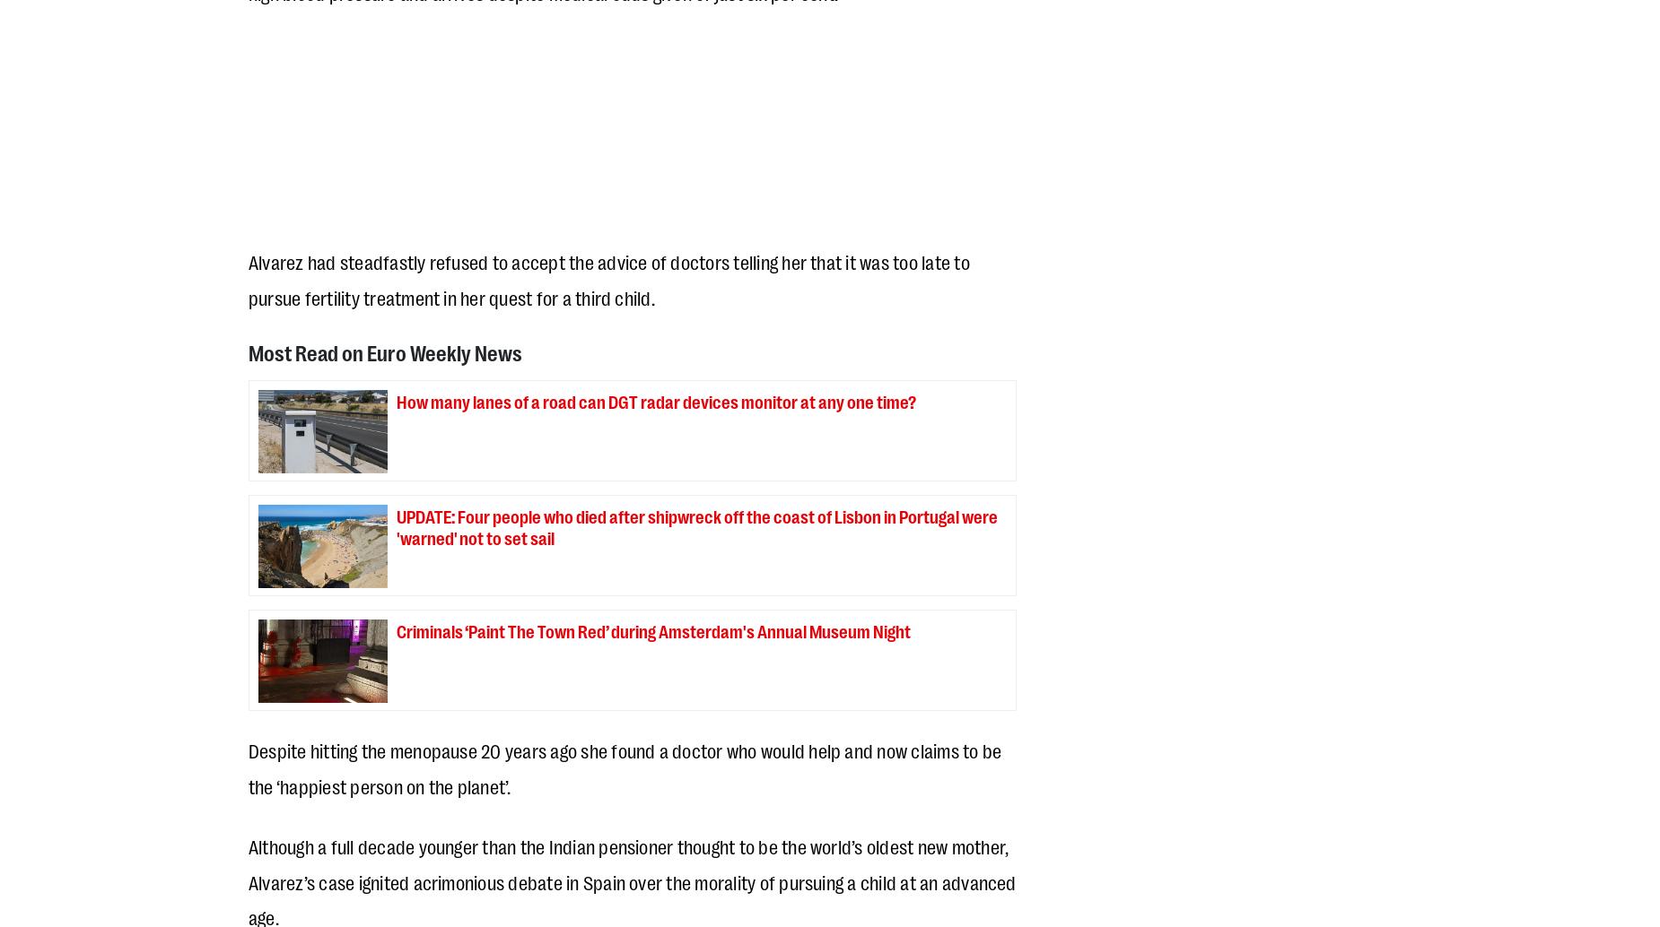 This screenshot has width=1660, height=927. Describe the element at coordinates (684, 52) in the screenshot. I see `'World News'` at that location.